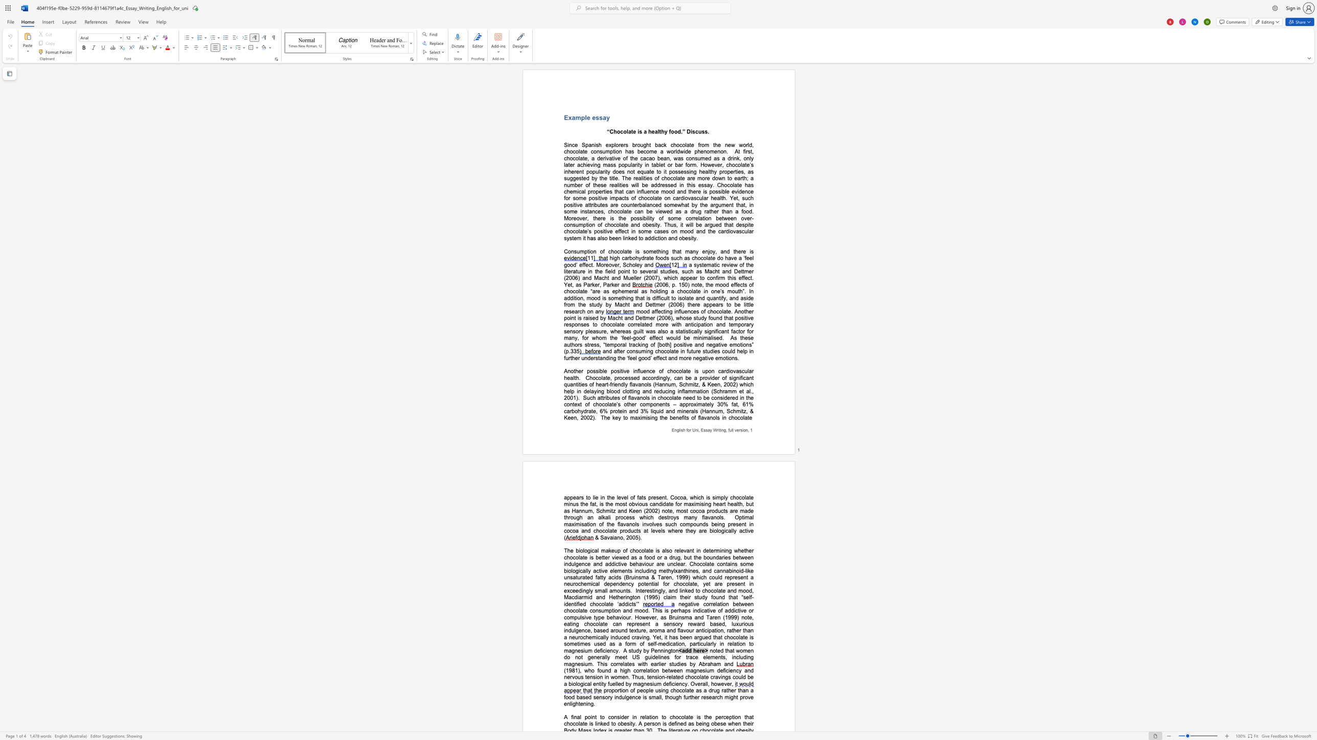 This screenshot has width=1317, height=740. I want to click on the 1th character "e" in the text, so click(656, 650).